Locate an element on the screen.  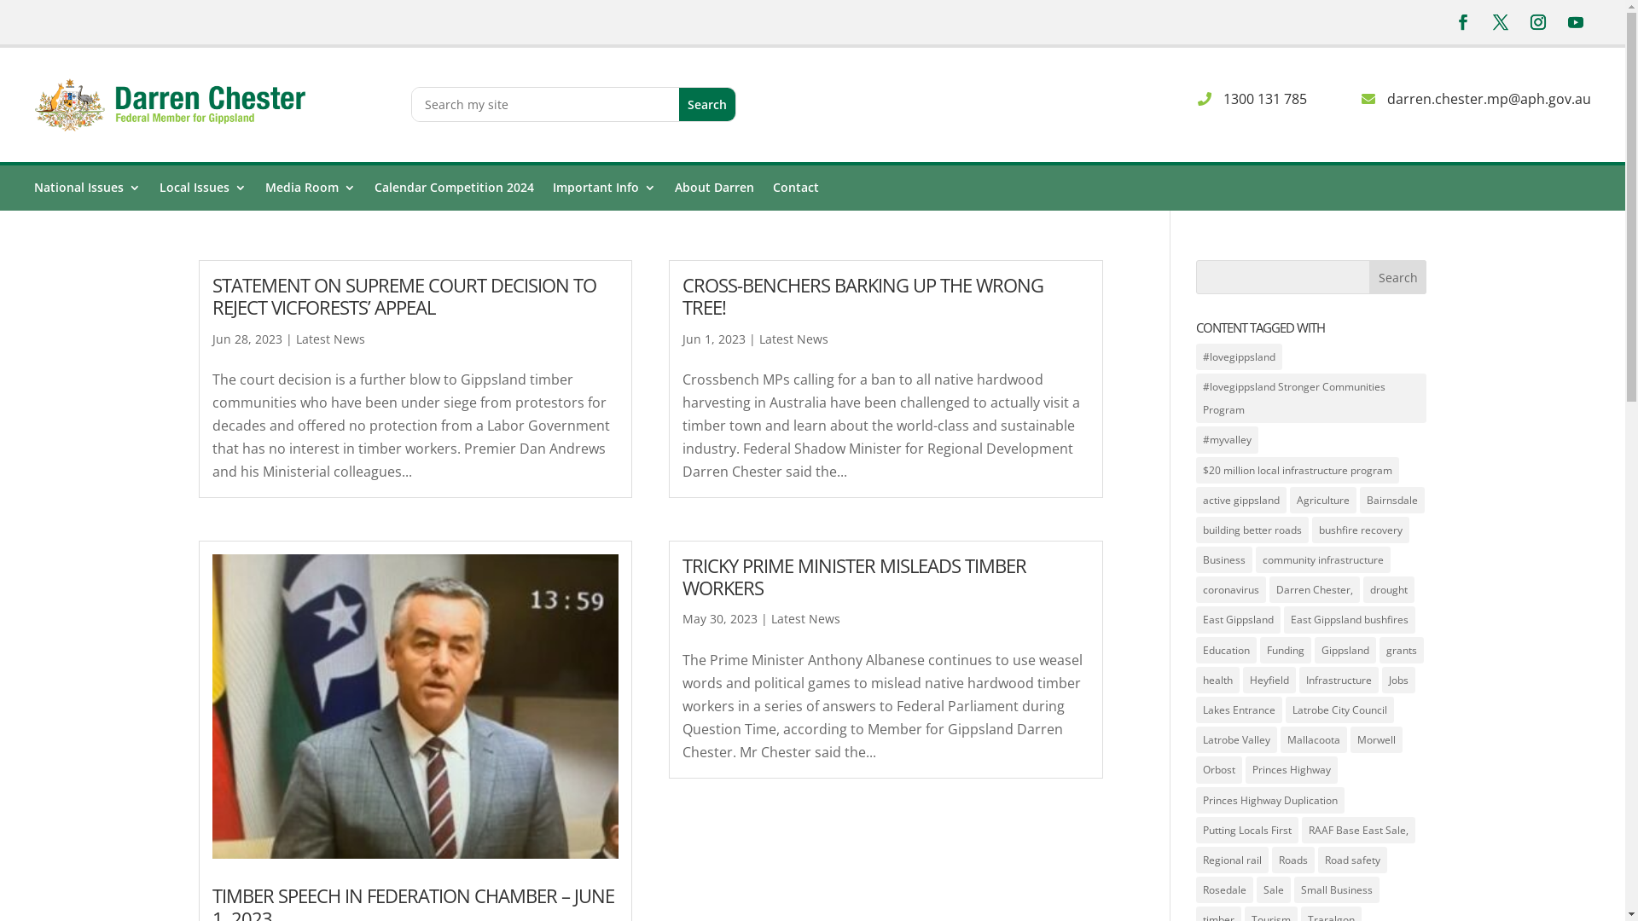
'Putting Locals First' is located at coordinates (1247, 829).